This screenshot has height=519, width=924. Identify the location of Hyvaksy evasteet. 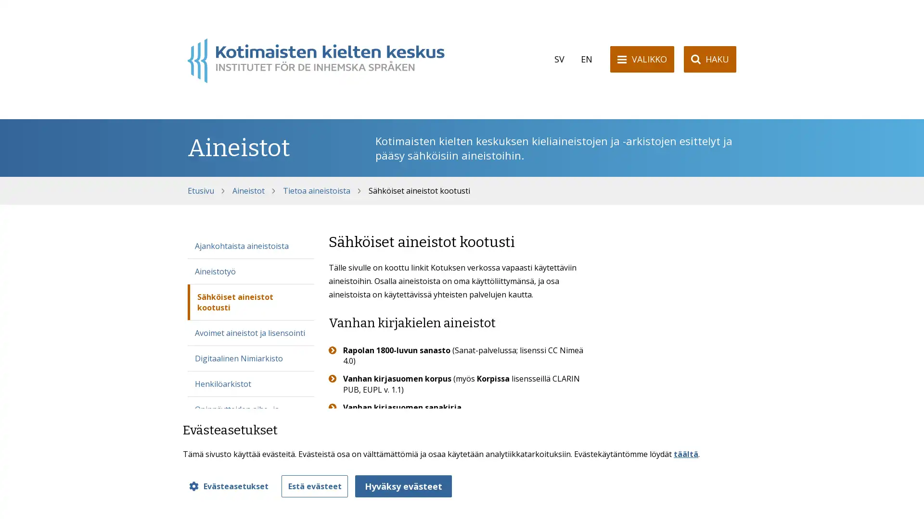
(403, 486).